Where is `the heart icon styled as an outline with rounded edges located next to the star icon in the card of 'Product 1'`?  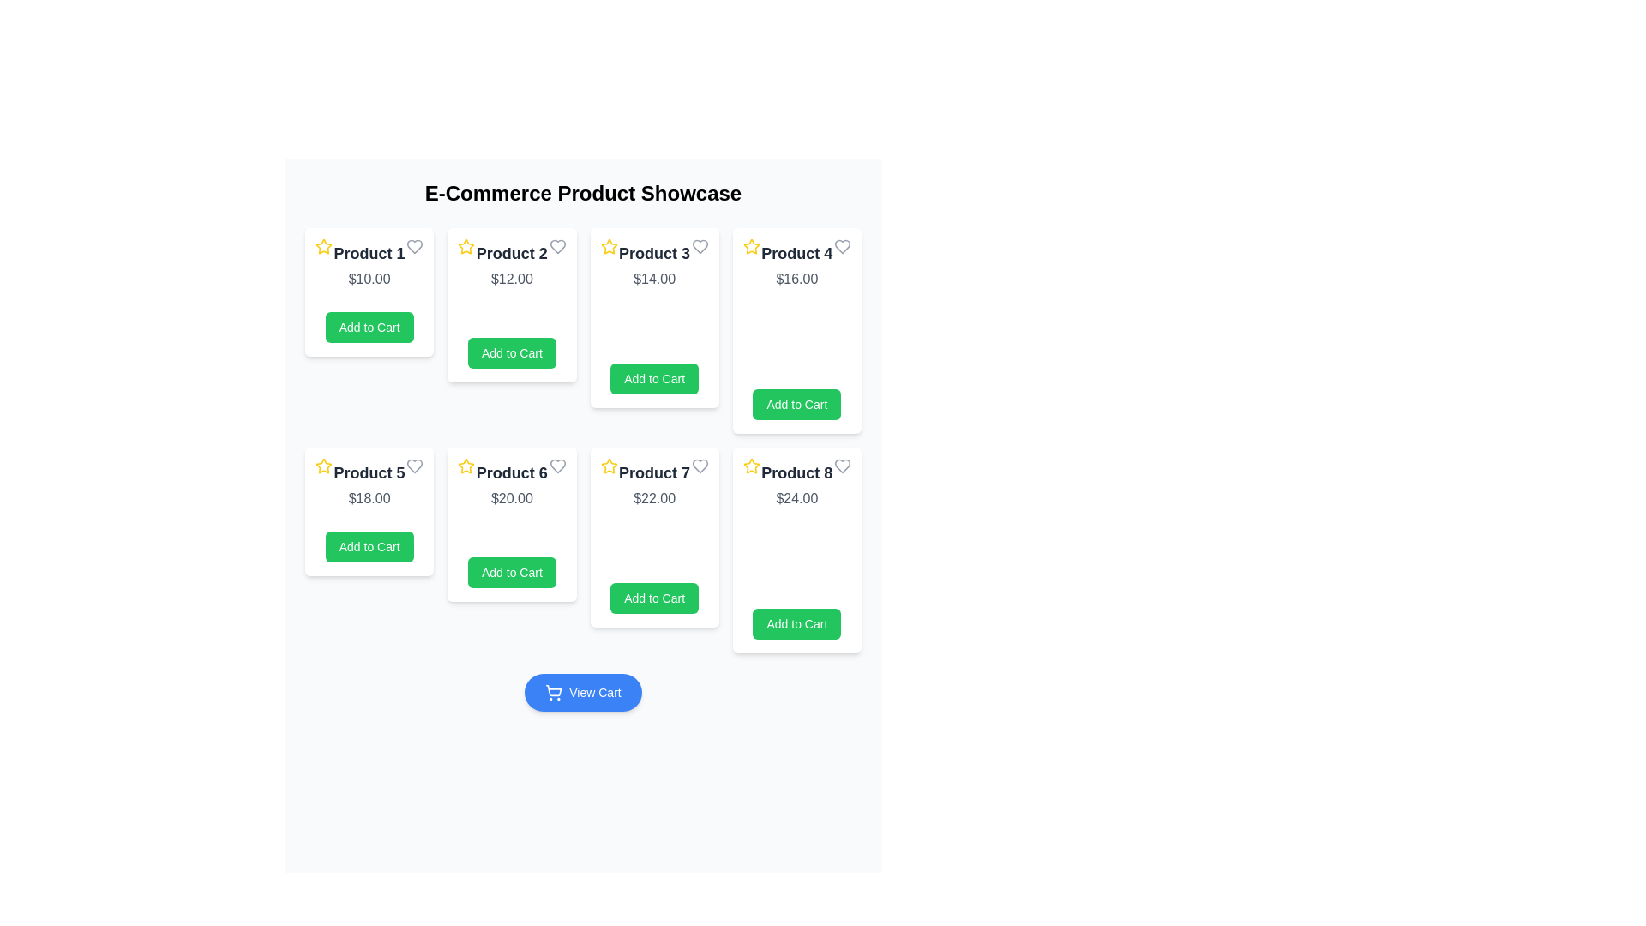
the heart icon styled as an outline with rounded edges located next to the star icon in the card of 'Product 1' is located at coordinates (415, 247).